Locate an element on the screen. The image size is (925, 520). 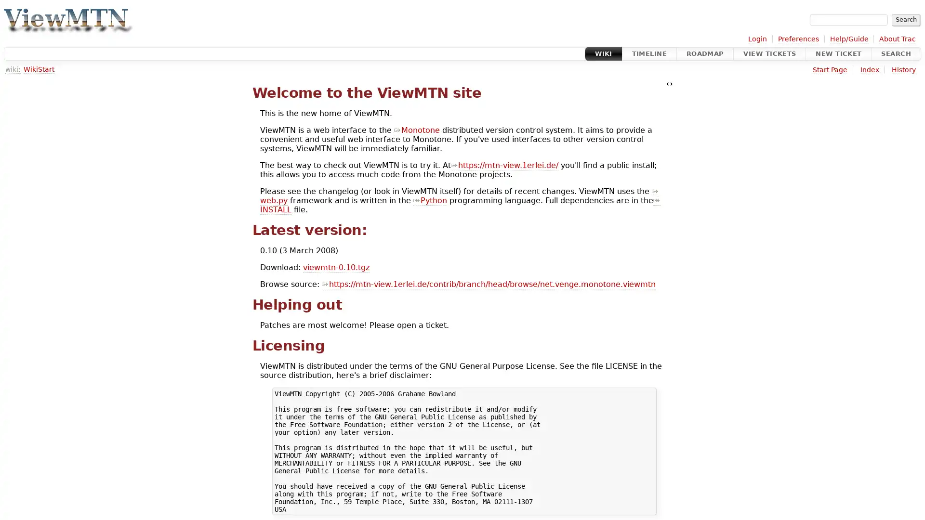
Search is located at coordinates (905, 20).